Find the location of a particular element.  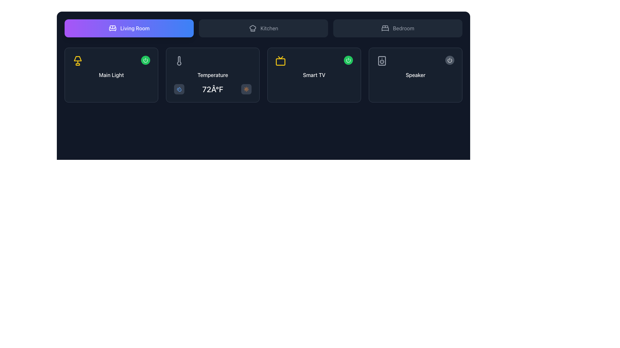

the brightness toggle button located in the Temperature section of the Living Room panel, adjacent to the temperature value of '72°F' and aligned with the sun glyph is located at coordinates (246, 89).